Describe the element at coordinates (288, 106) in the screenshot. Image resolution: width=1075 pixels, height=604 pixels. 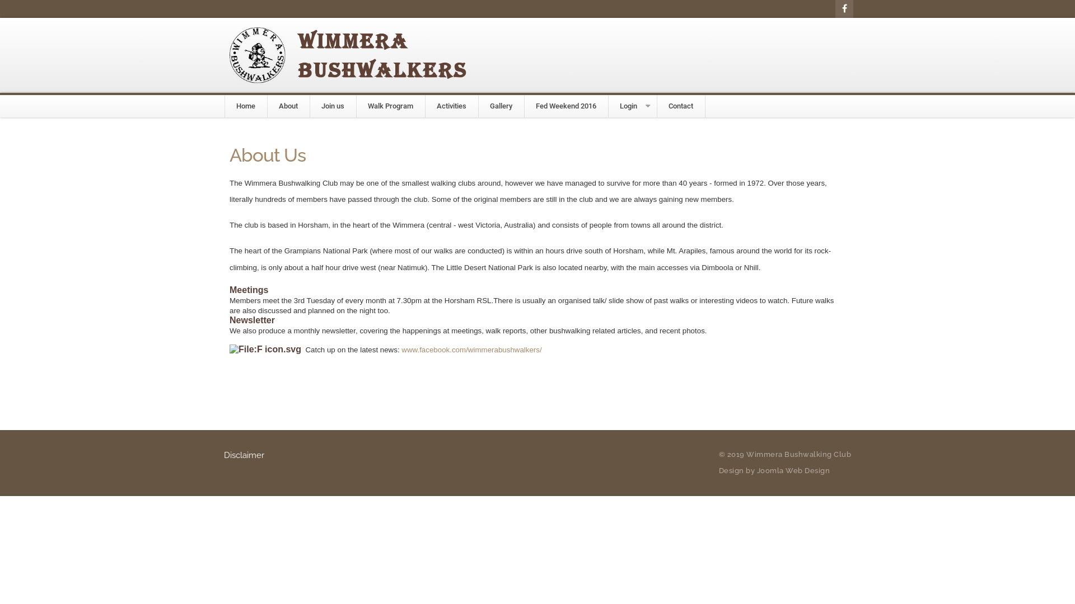
I see `'About'` at that location.